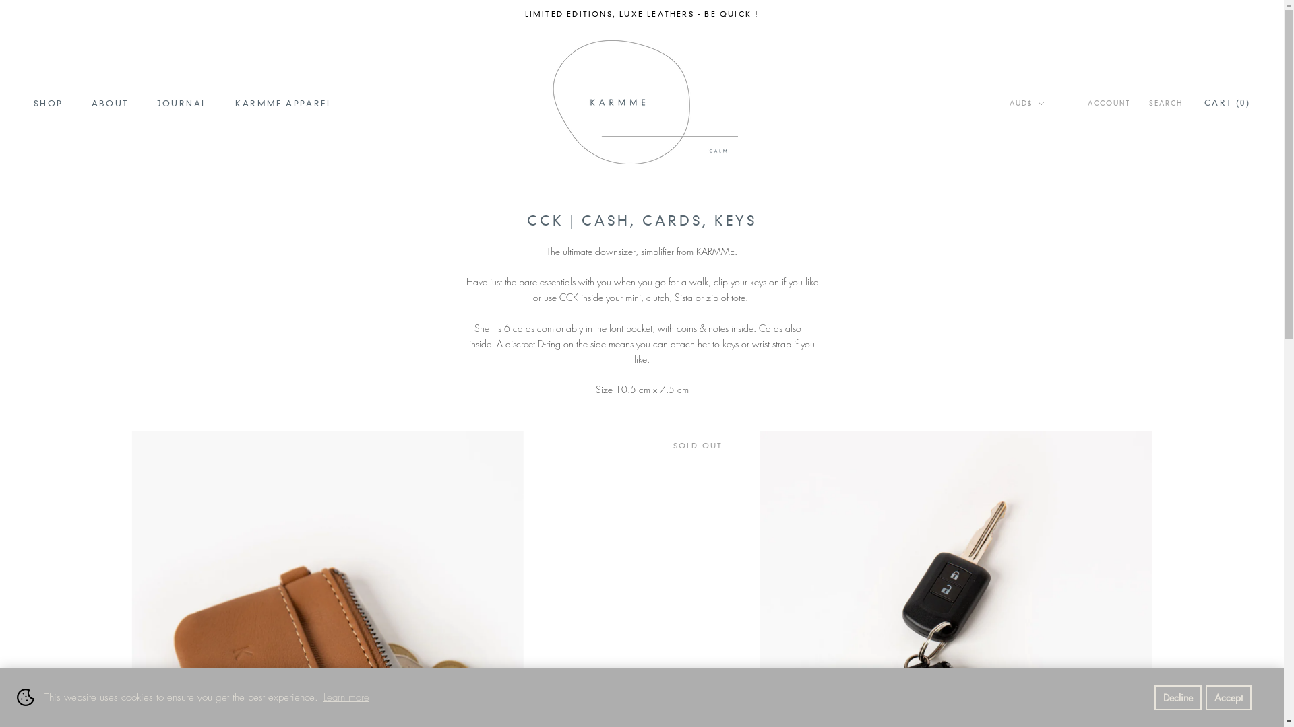 This screenshot has height=727, width=1294. What do you see at coordinates (31, 693) in the screenshot?
I see `'Shopify online store chat'` at bounding box center [31, 693].